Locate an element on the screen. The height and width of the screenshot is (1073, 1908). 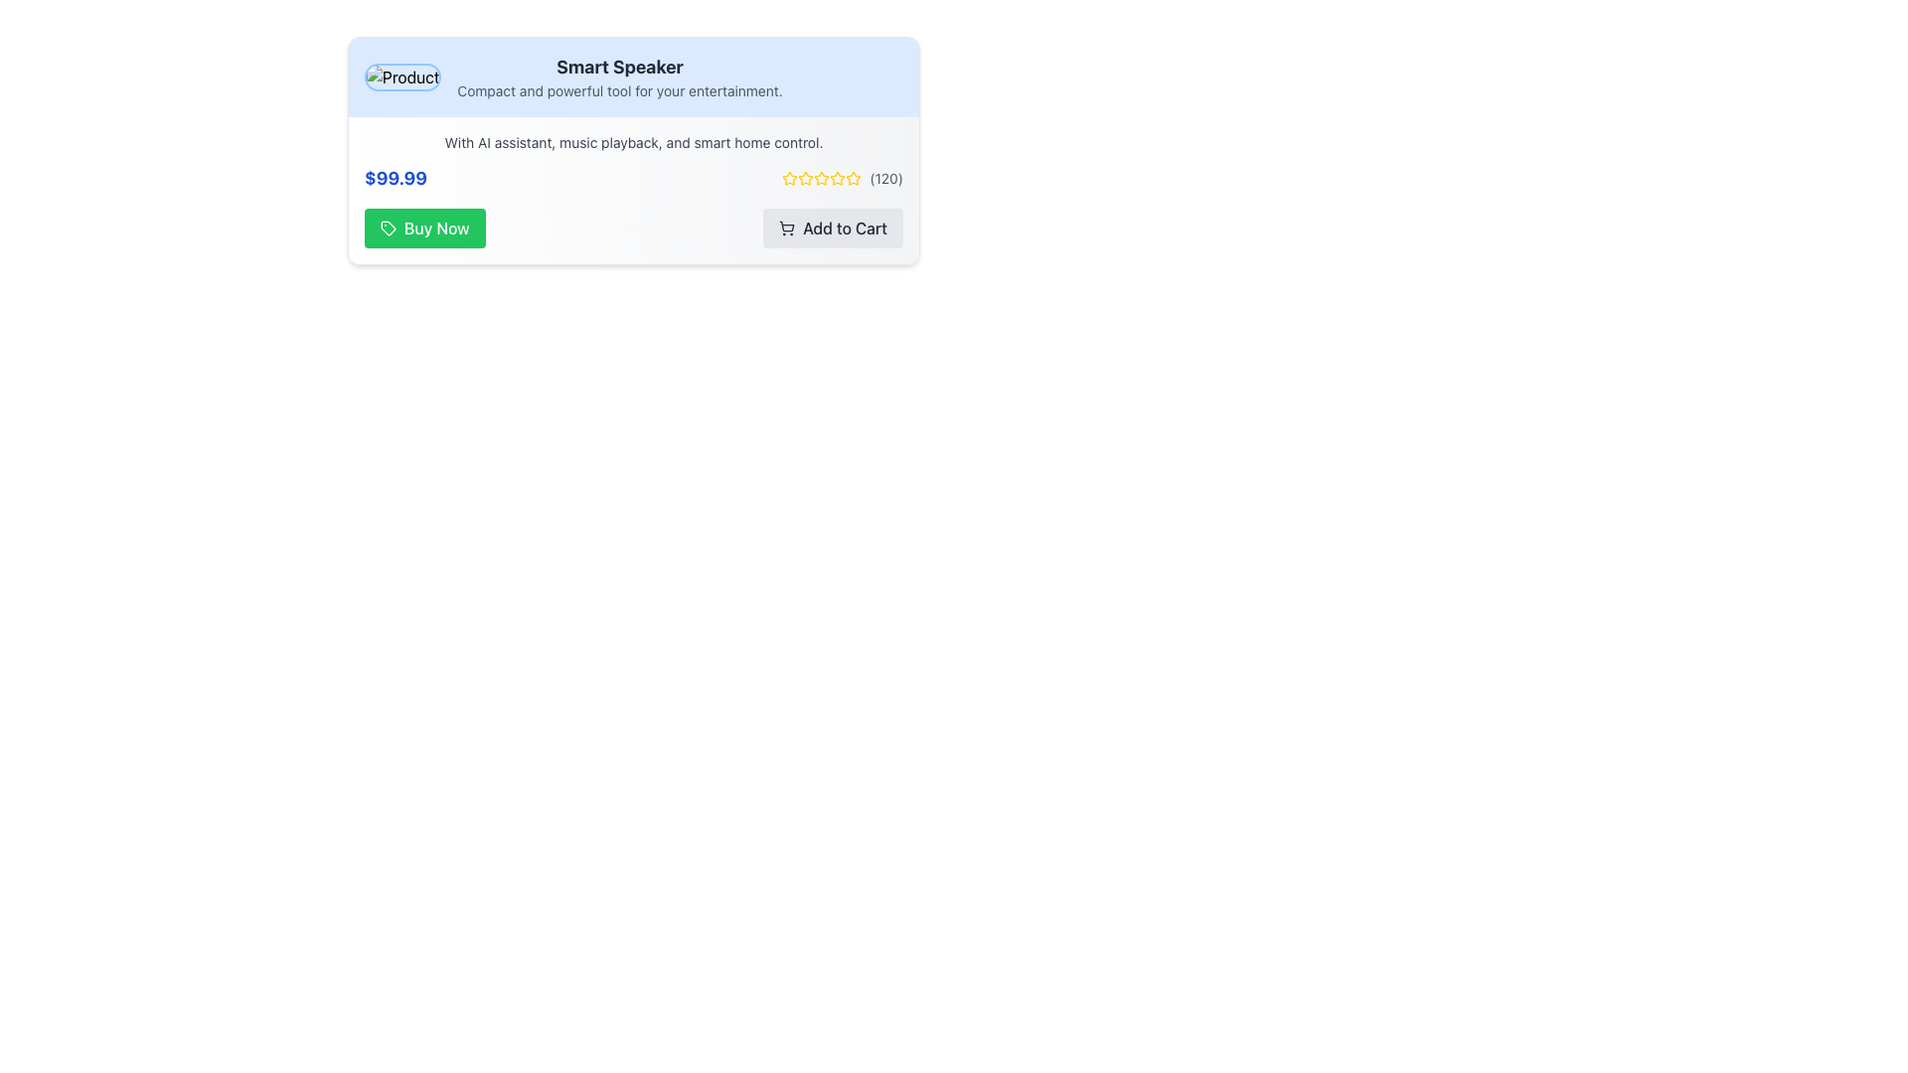
the styled text block titled 'Smart Speaker' which features a bold title and a descriptive line, set against a light blue background is located at coordinates (619, 76).